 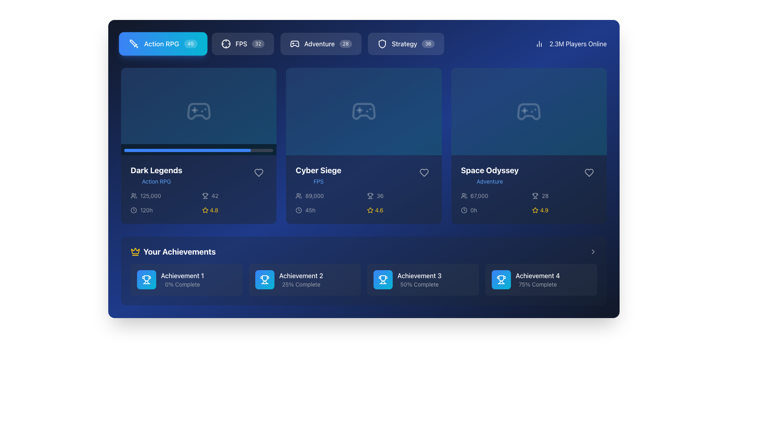 I want to click on the heart icon located in the upper-right corner of the 'Space Odyssey' card, so click(x=589, y=172).